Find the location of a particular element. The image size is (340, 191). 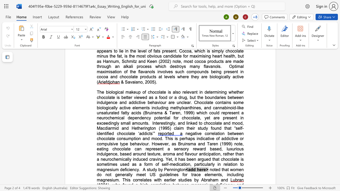

the space between the continuous character "e" and "r" in the text is located at coordinates (232, 154).